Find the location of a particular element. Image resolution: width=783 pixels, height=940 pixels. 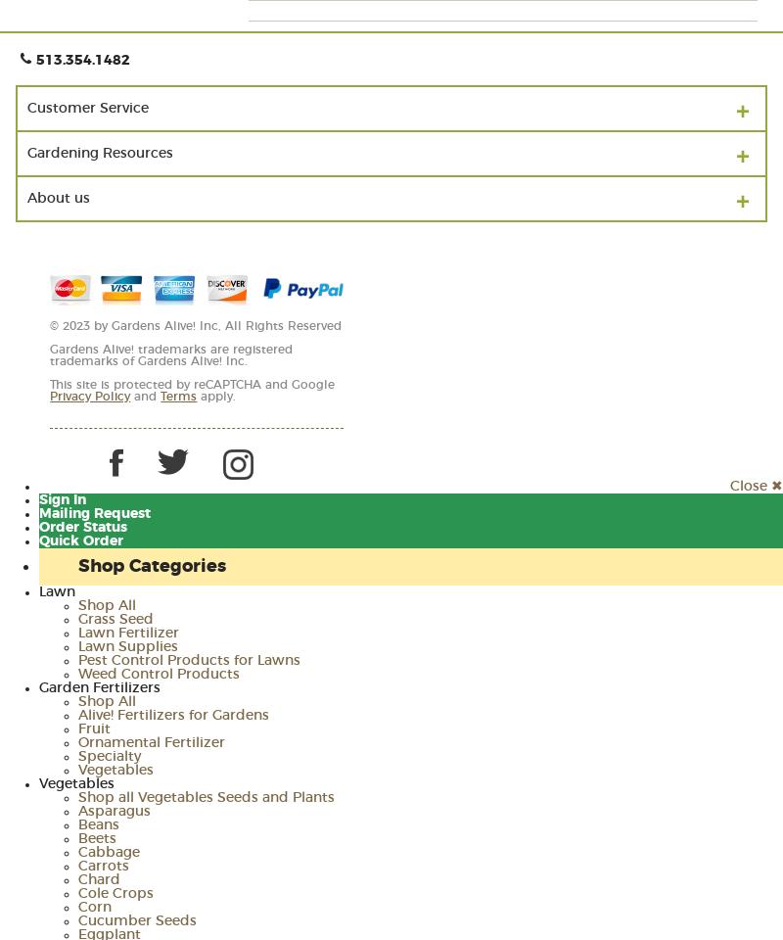

'Quick Order' is located at coordinates (81, 540).